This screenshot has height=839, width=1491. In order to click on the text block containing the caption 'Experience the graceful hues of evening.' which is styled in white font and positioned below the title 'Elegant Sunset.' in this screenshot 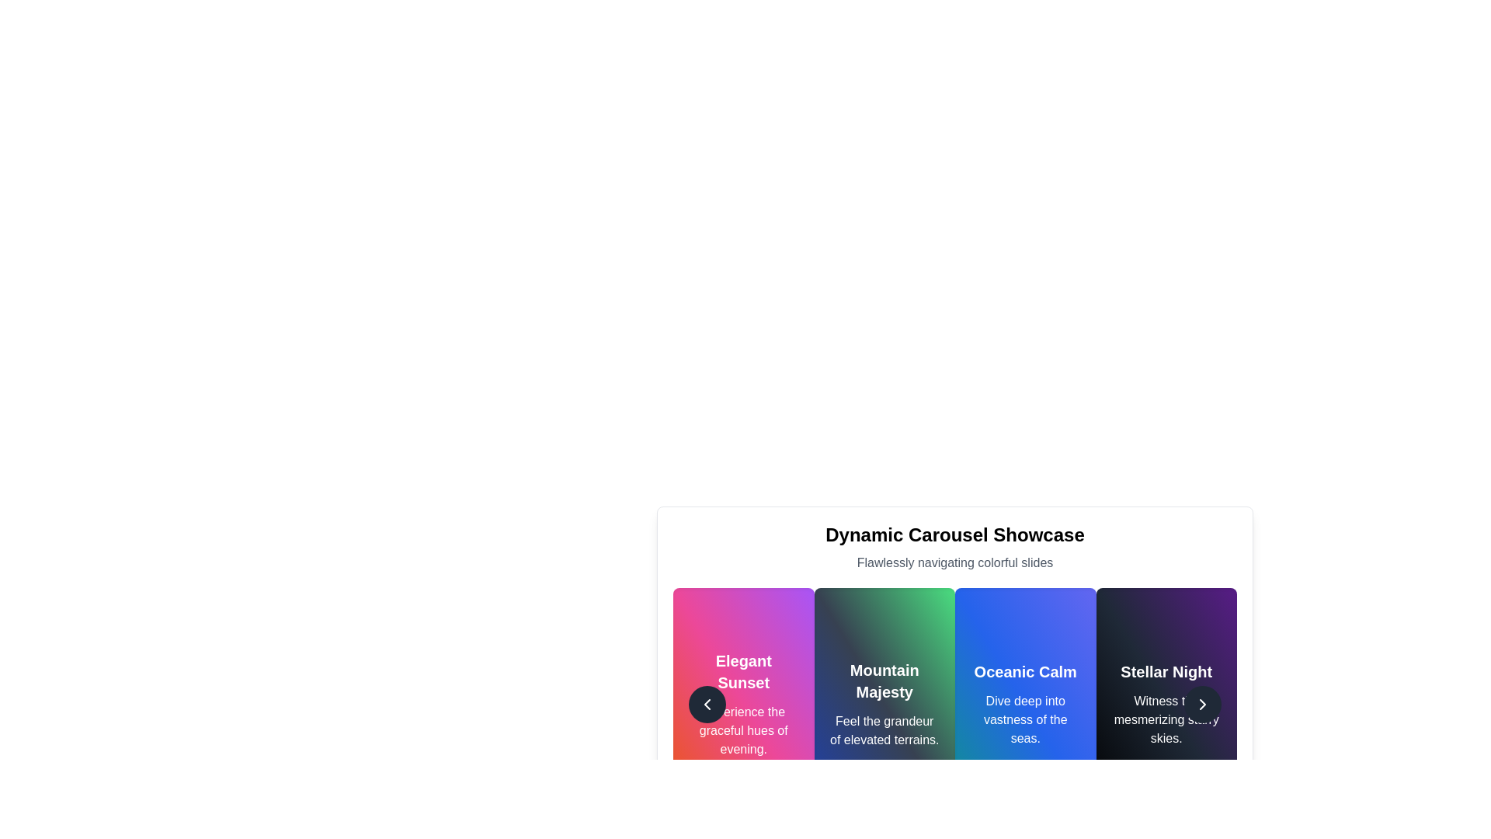, I will do `click(742, 731)`.